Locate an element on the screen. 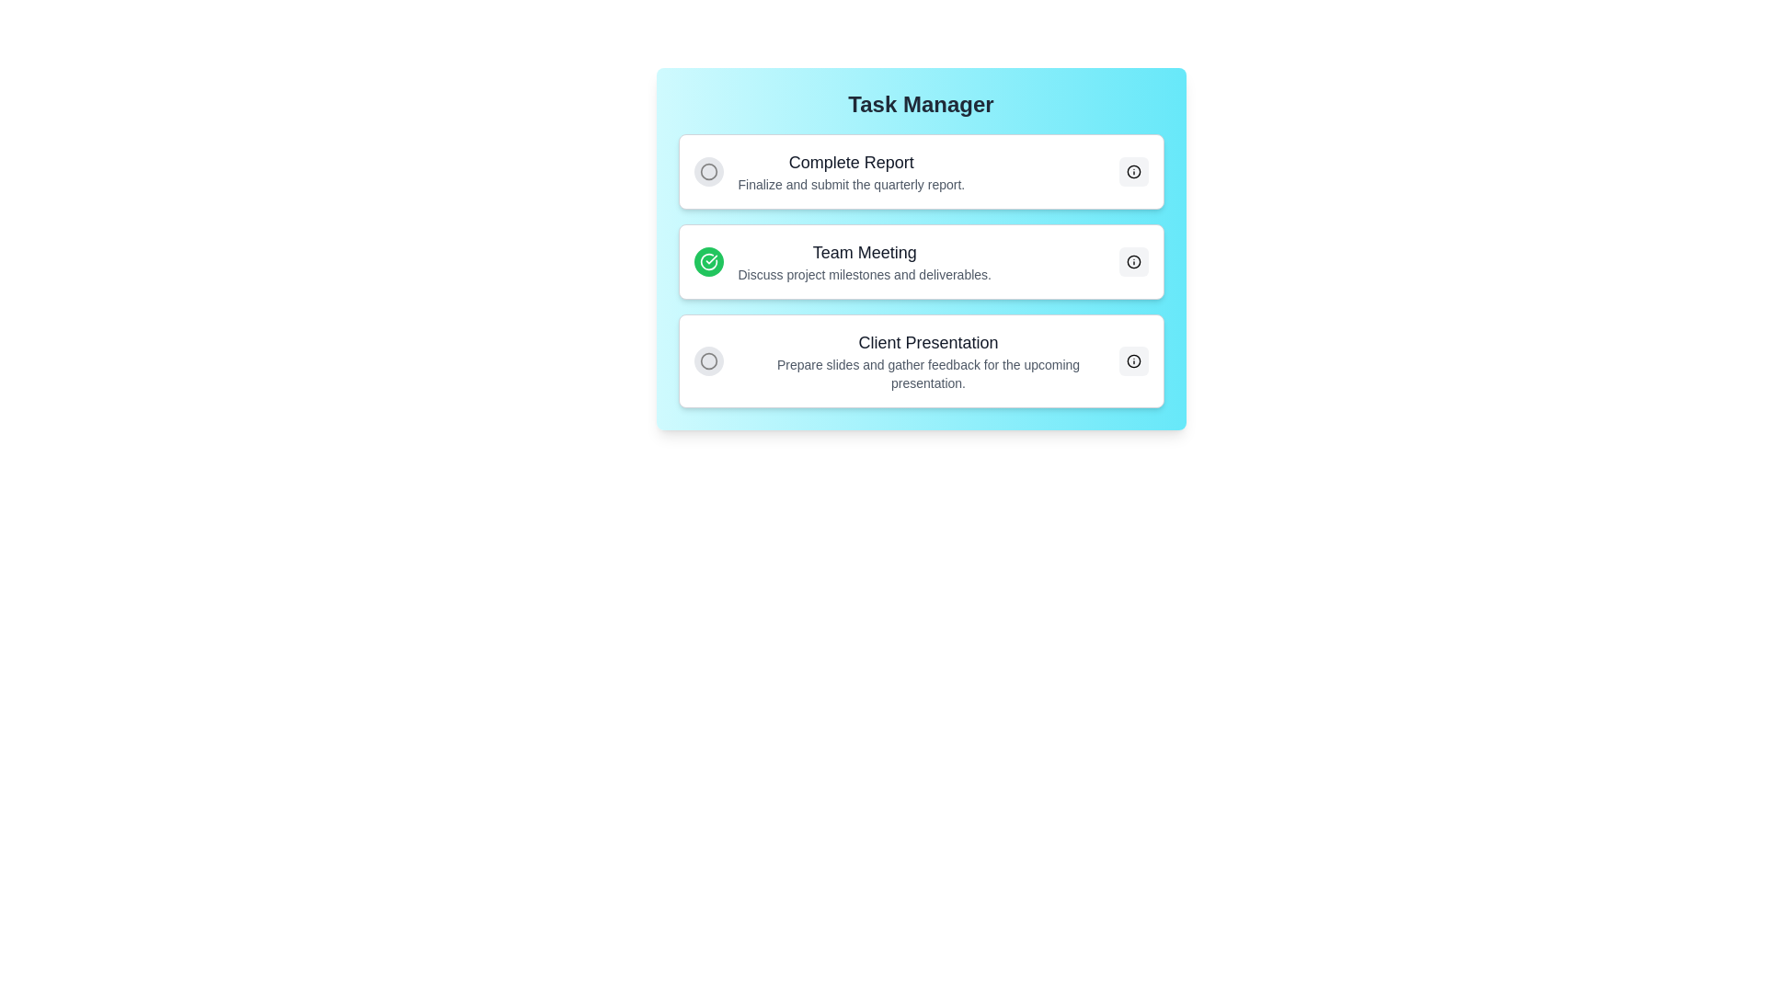 The width and height of the screenshot is (1766, 993). the first task item is located at coordinates (828, 171).